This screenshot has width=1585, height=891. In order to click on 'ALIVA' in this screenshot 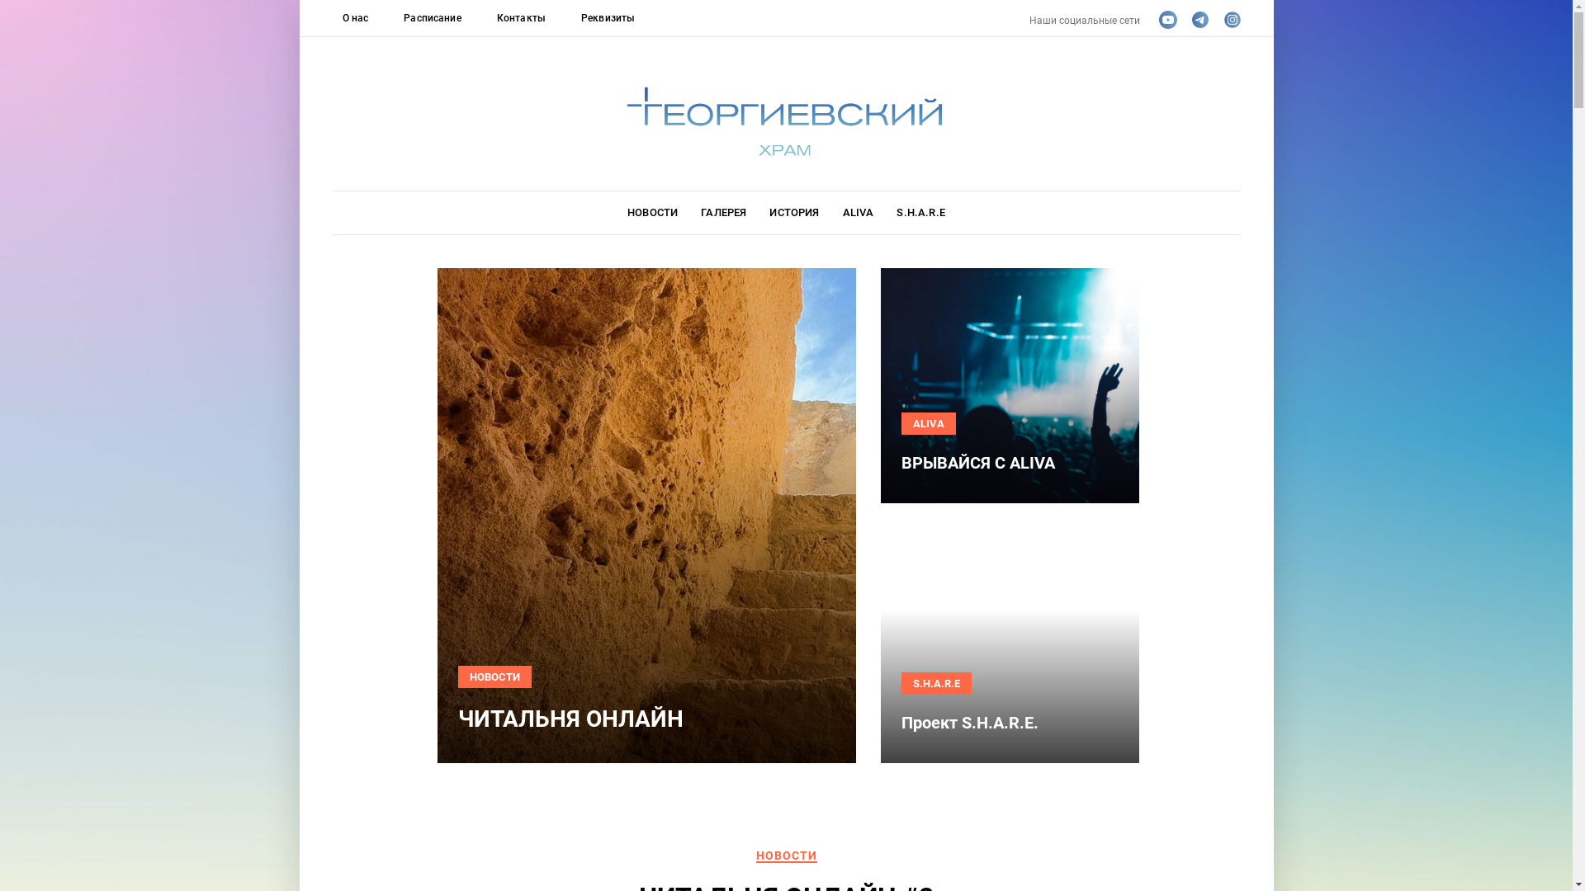, I will do `click(928, 422)`.